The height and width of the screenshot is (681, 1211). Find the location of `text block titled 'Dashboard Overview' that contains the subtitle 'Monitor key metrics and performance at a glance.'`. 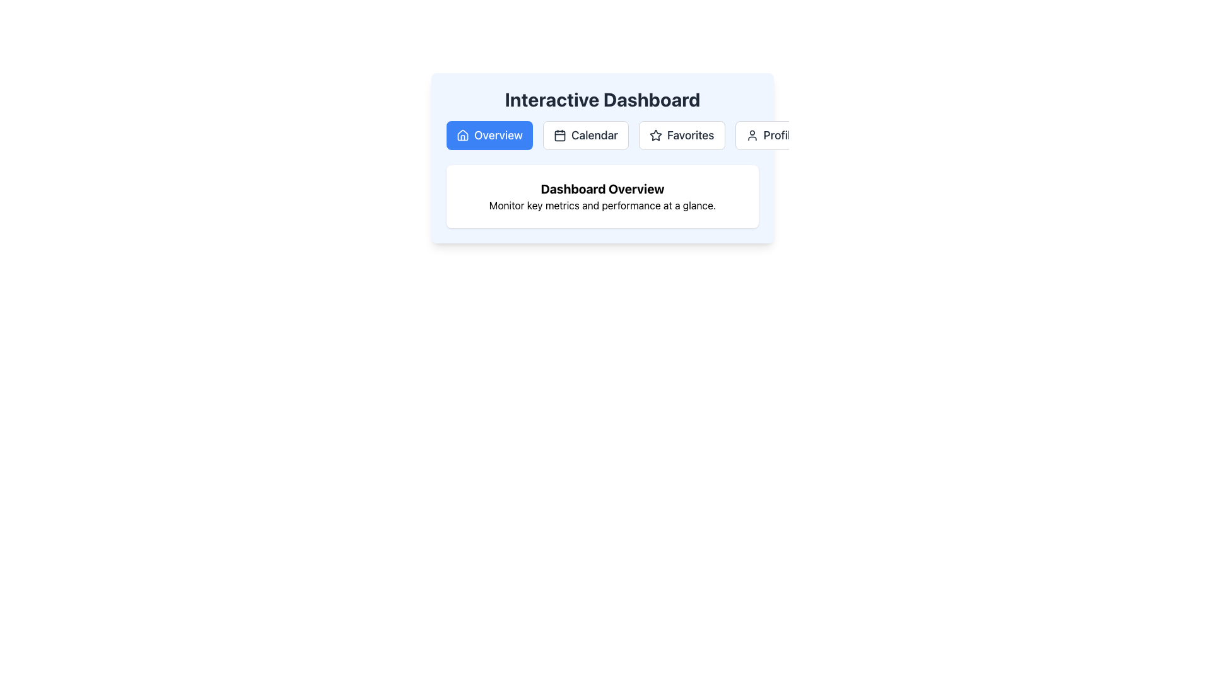

text block titled 'Dashboard Overview' that contains the subtitle 'Monitor key metrics and performance at a glance.' is located at coordinates (602, 197).